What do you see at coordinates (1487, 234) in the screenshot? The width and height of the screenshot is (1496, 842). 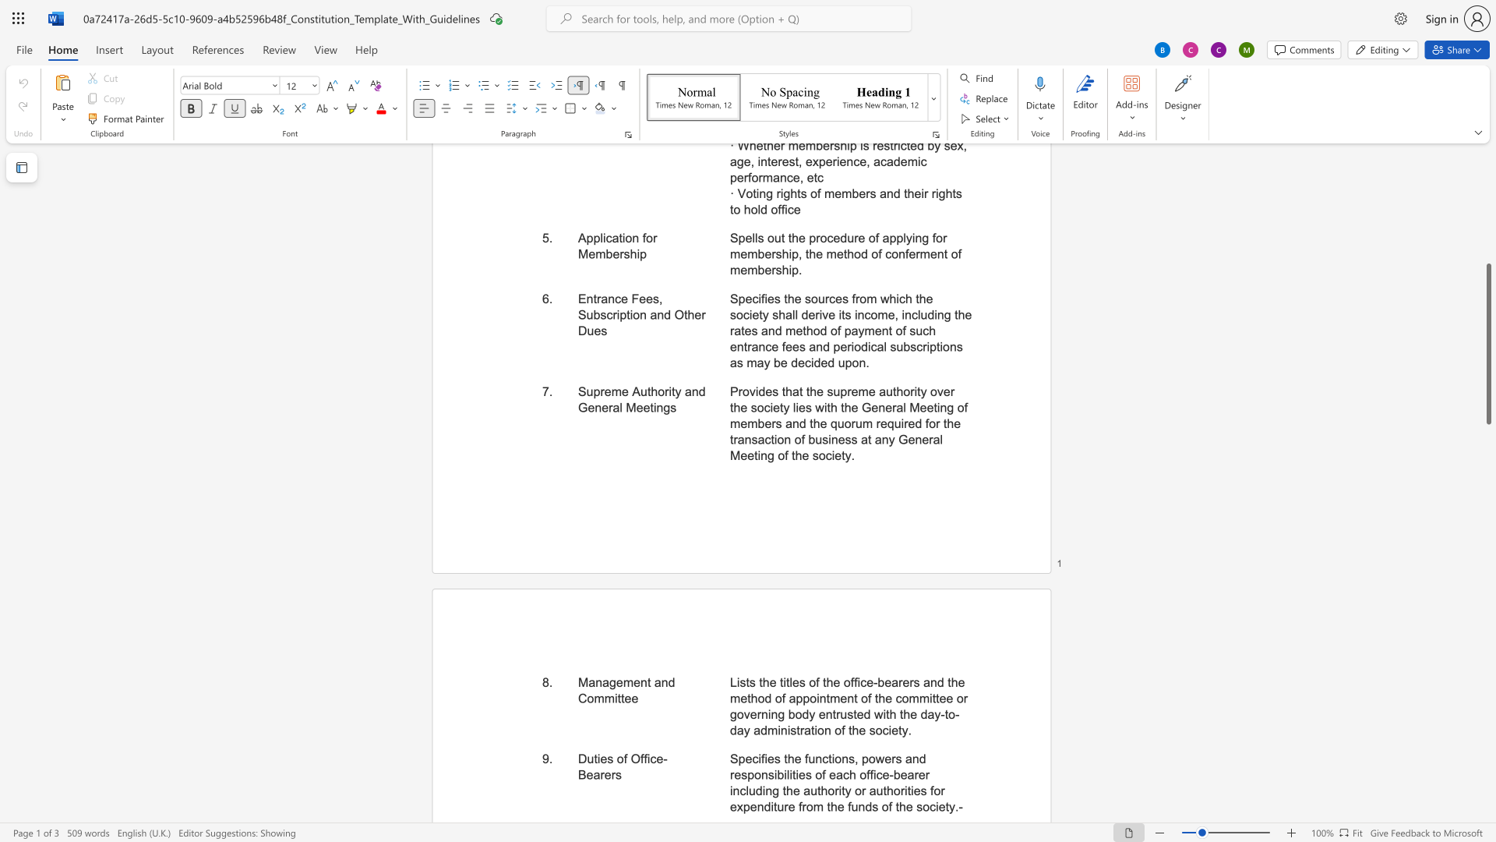 I see `the scrollbar to scroll the page up` at bounding box center [1487, 234].